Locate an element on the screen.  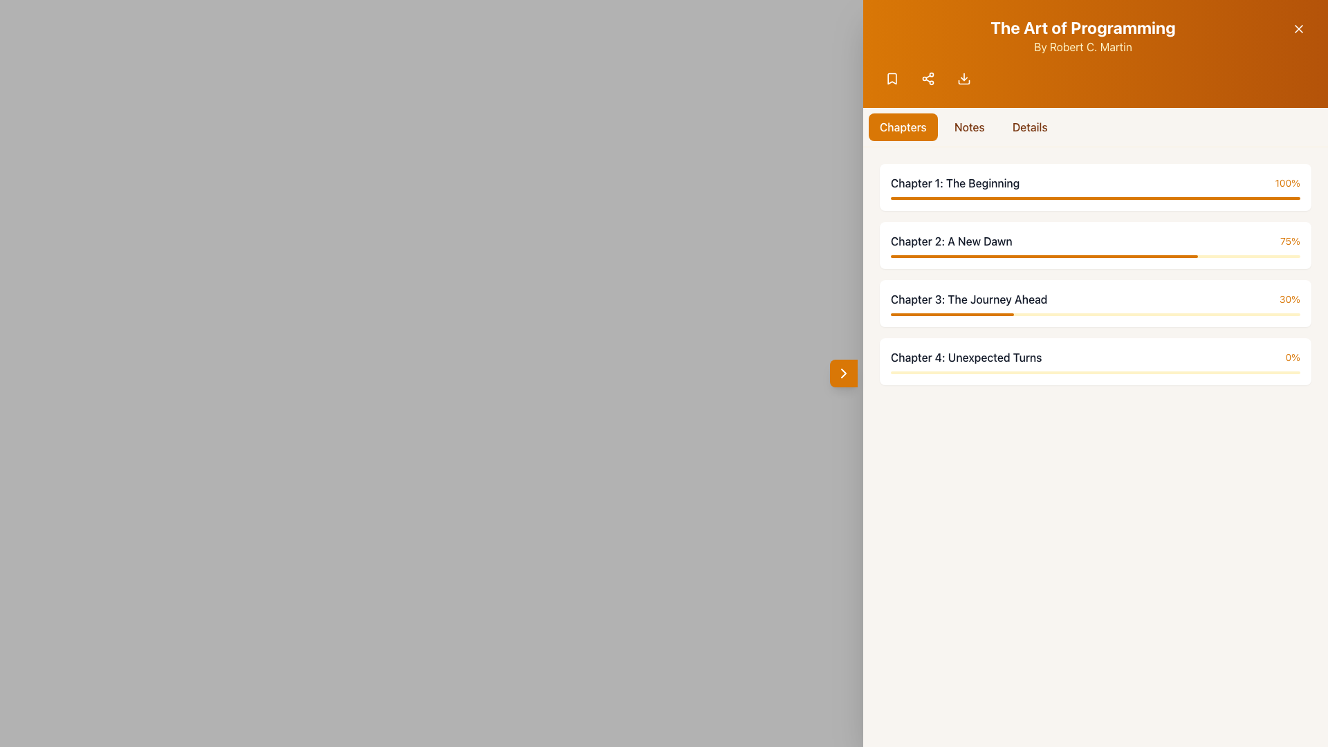
the fourth chapter title and progress status display in the right sidebar, which shows the chapter's title and completion percentage is located at coordinates (1095, 356).